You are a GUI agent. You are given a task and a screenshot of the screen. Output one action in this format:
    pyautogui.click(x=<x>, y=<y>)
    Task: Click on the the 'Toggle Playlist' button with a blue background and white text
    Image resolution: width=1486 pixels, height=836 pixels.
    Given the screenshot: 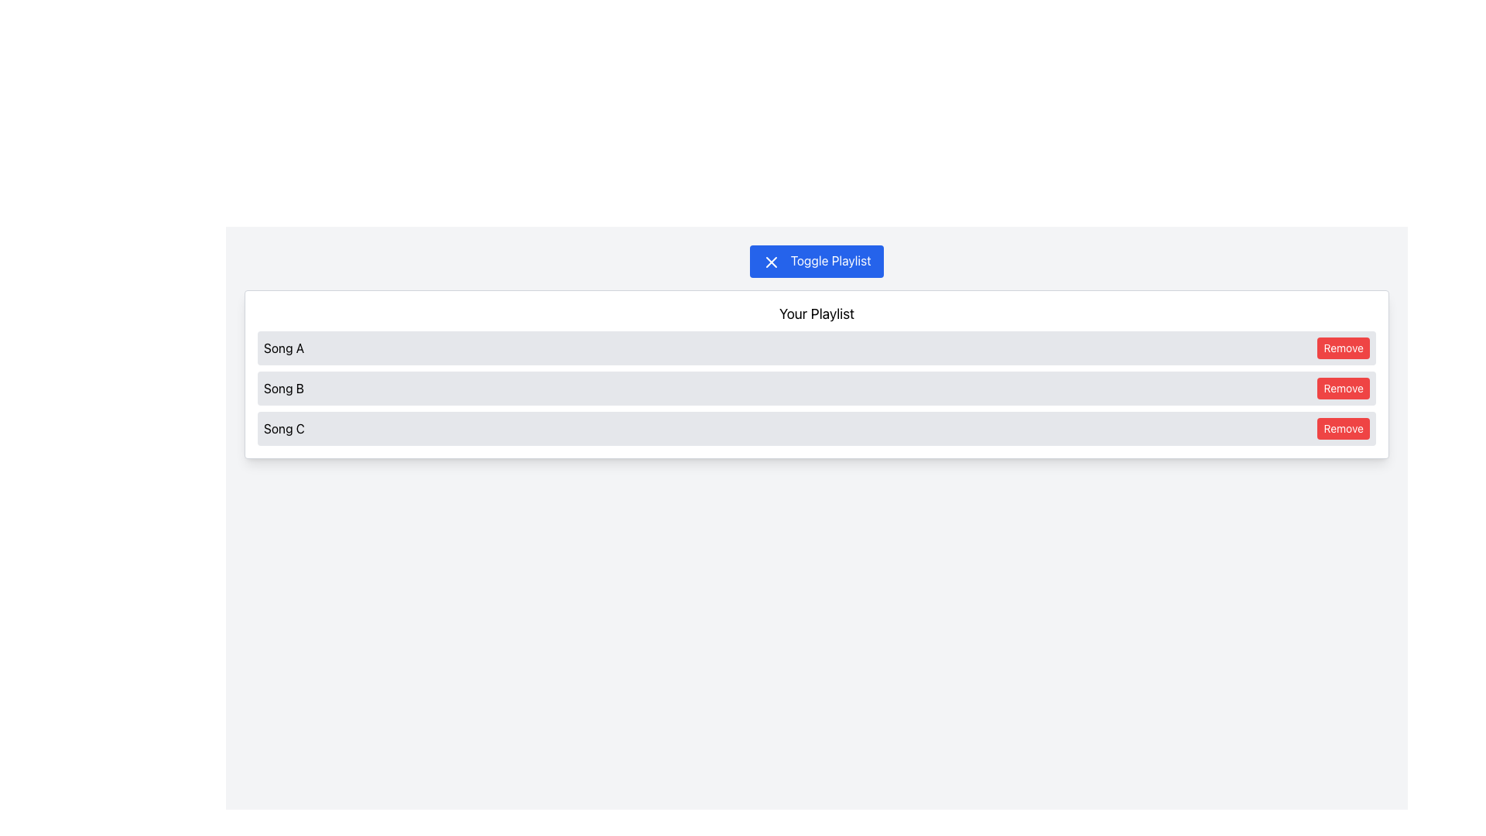 What is the action you would take?
    pyautogui.click(x=816, y=260)
    